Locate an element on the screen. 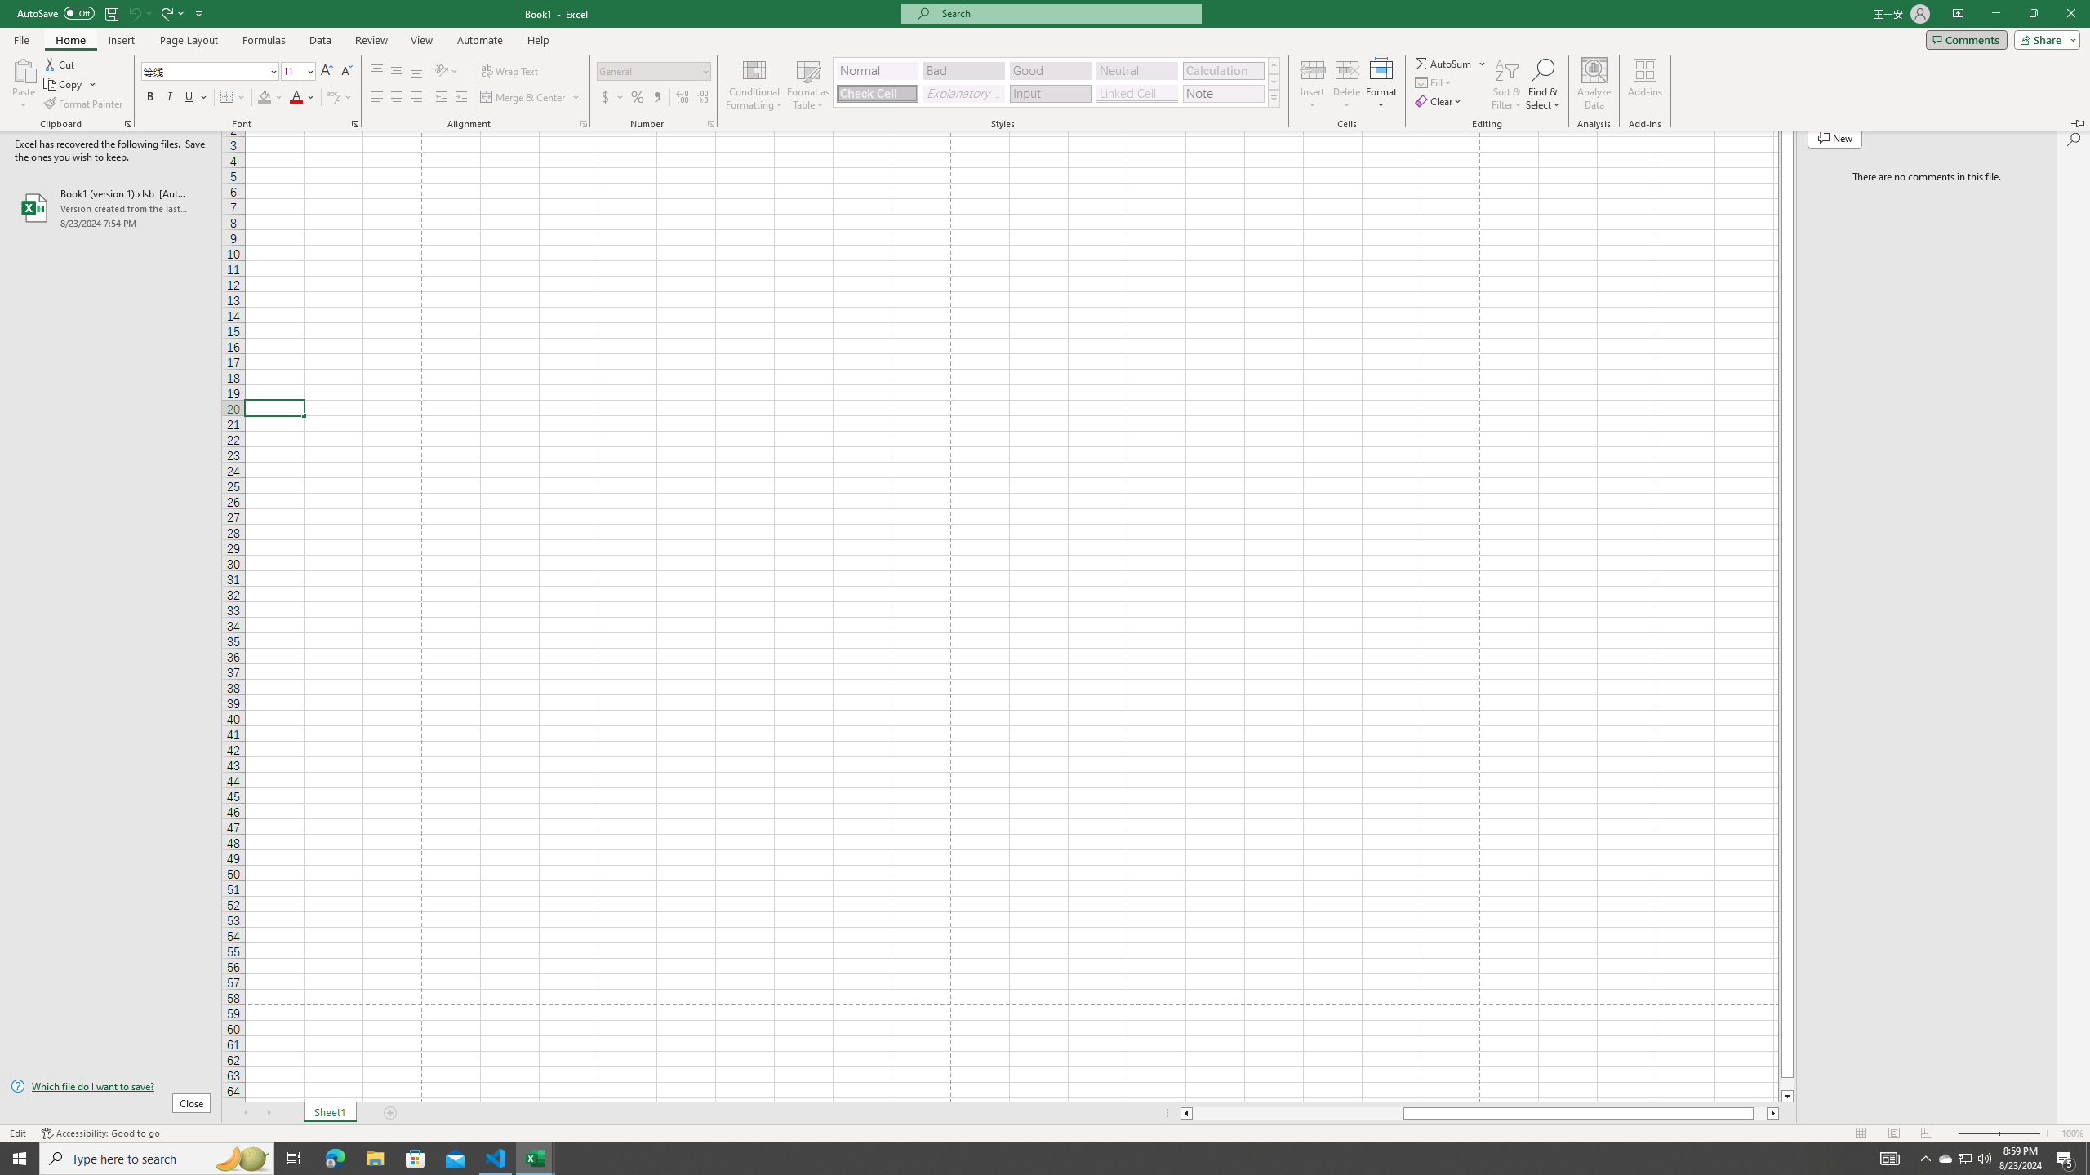  'System' is located at coordinates (9, 7).